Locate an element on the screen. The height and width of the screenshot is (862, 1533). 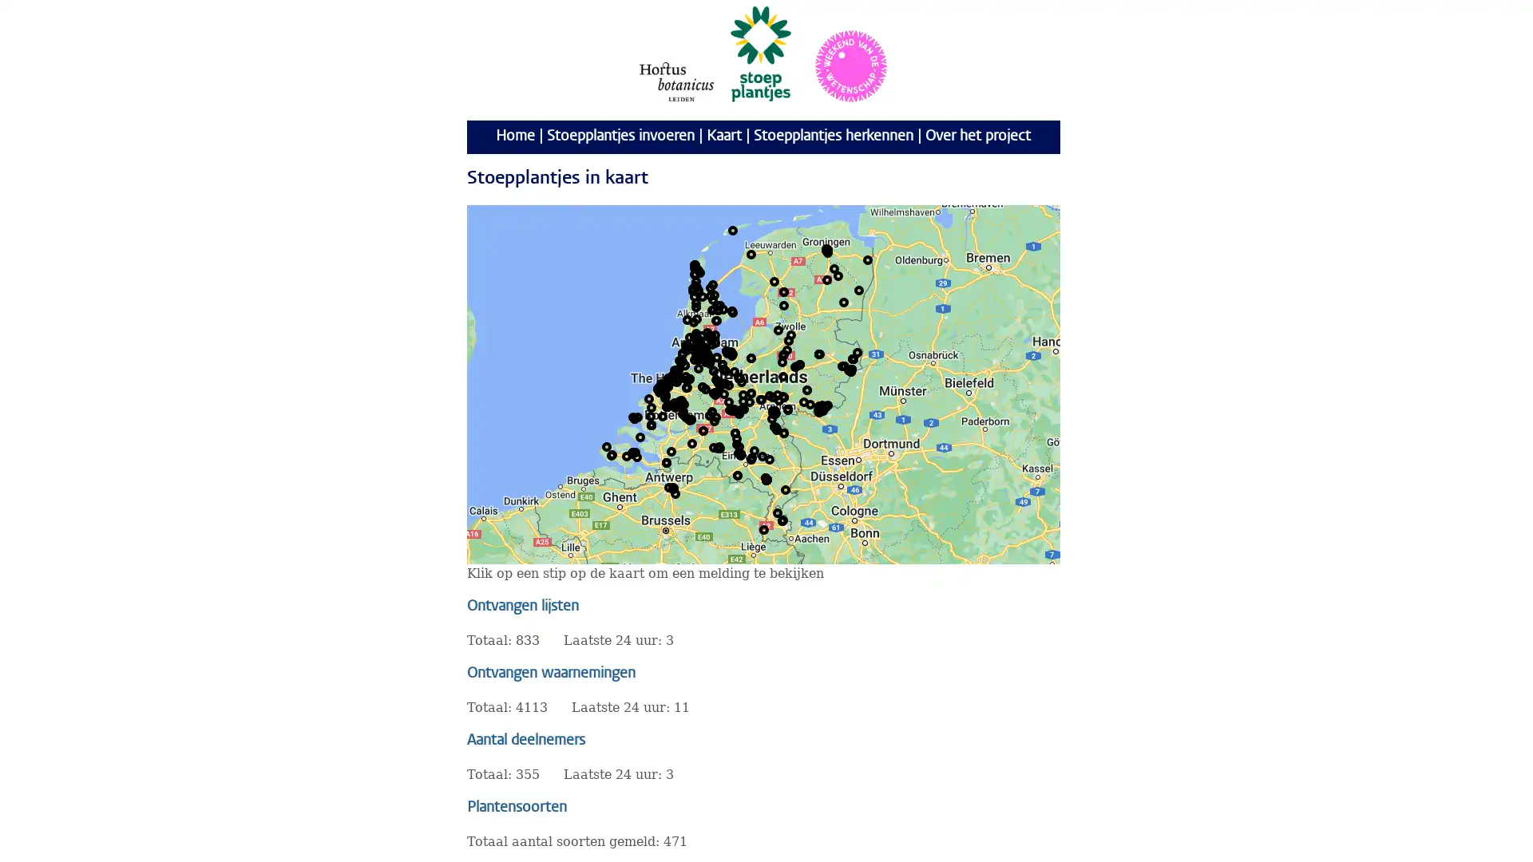
Telling van Paul op 25 maart 2022 is located at coordinates (715, 341).